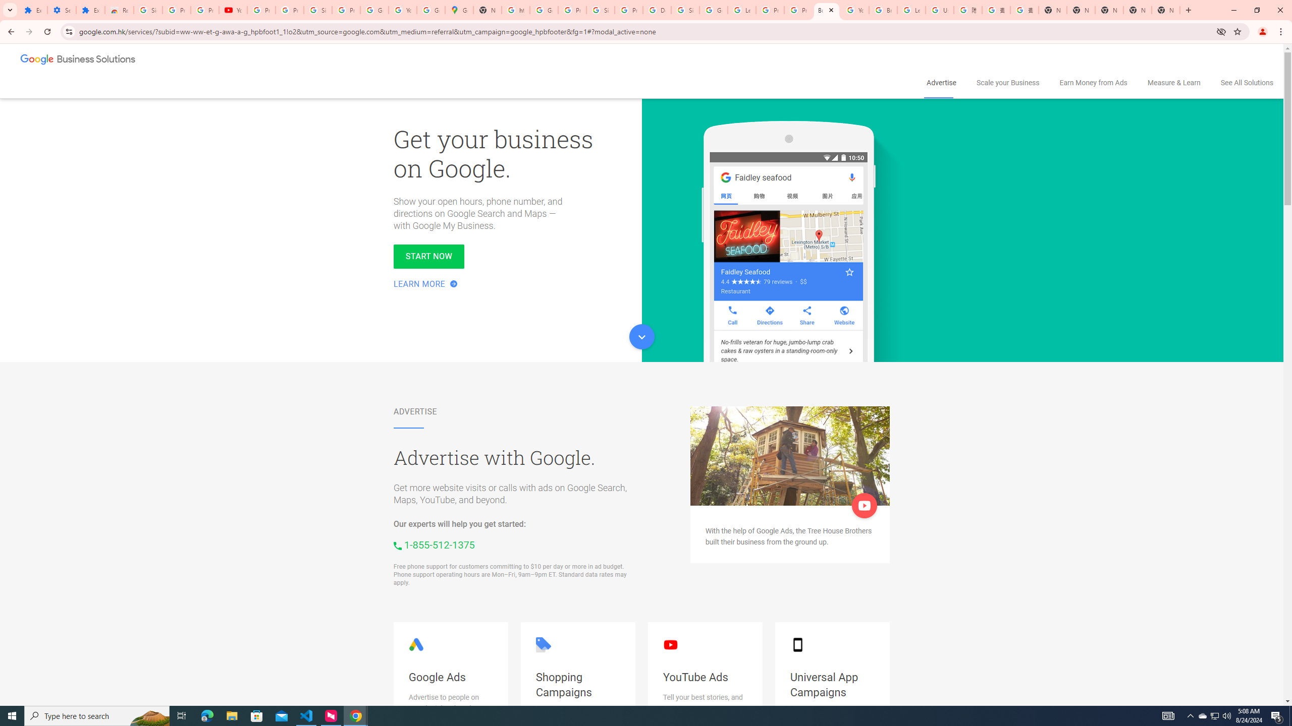 Image resolution: width=1292 pixels, height=726 pixels. Describe the element at coordinates (434, 544) in the screenshot. I see `'Call us'` at that location.